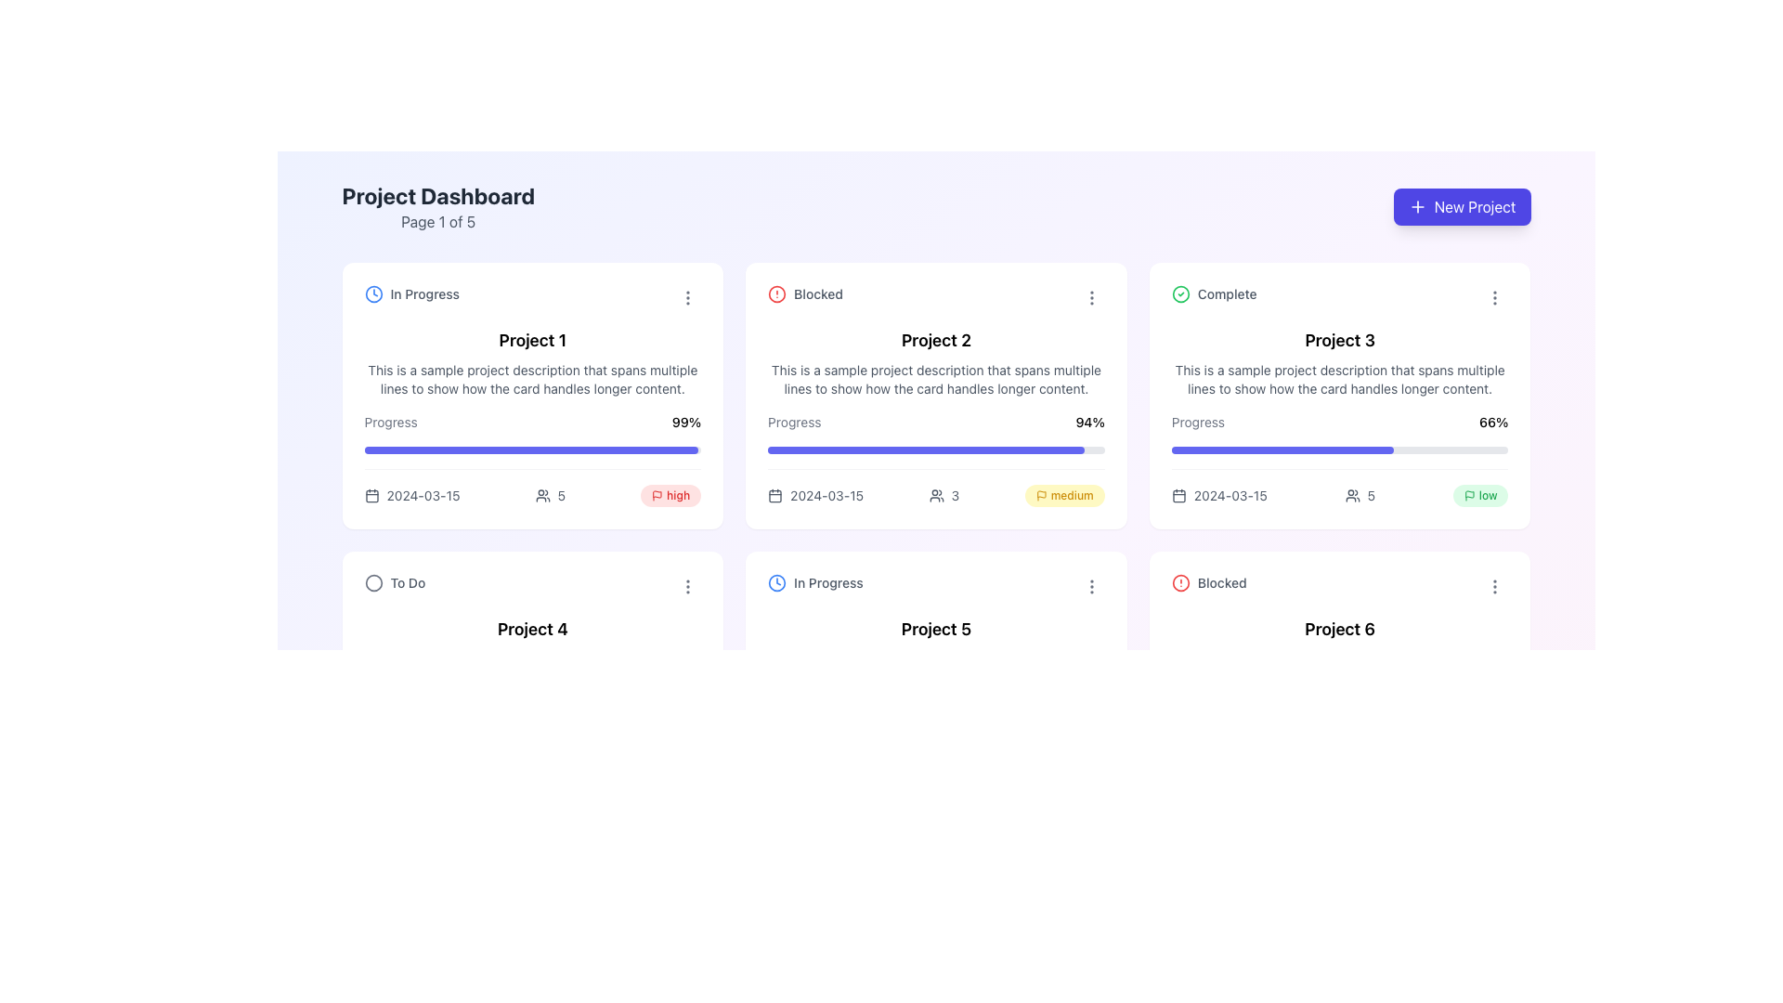 The image size is (1783, 1003). What do you see at coordinates (372, 582) in the screenshot?
I see `the indicator icon for the 'To Do' label located in the bottom left of the interface to interact with it` at bounding box center [372, 582].